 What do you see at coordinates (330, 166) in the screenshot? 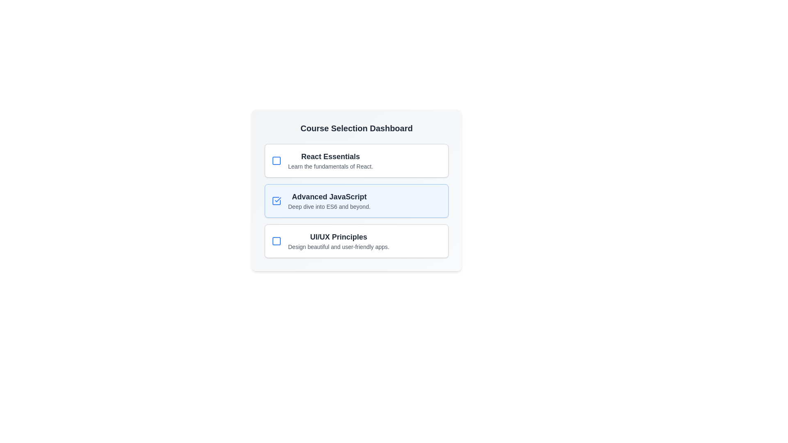
I see `the static text element that reads 'Learn the fundamentals of React.' which is displayed in light gray color and positioned beneath the title 'React Essentials'` at bounding box center [330, 166].